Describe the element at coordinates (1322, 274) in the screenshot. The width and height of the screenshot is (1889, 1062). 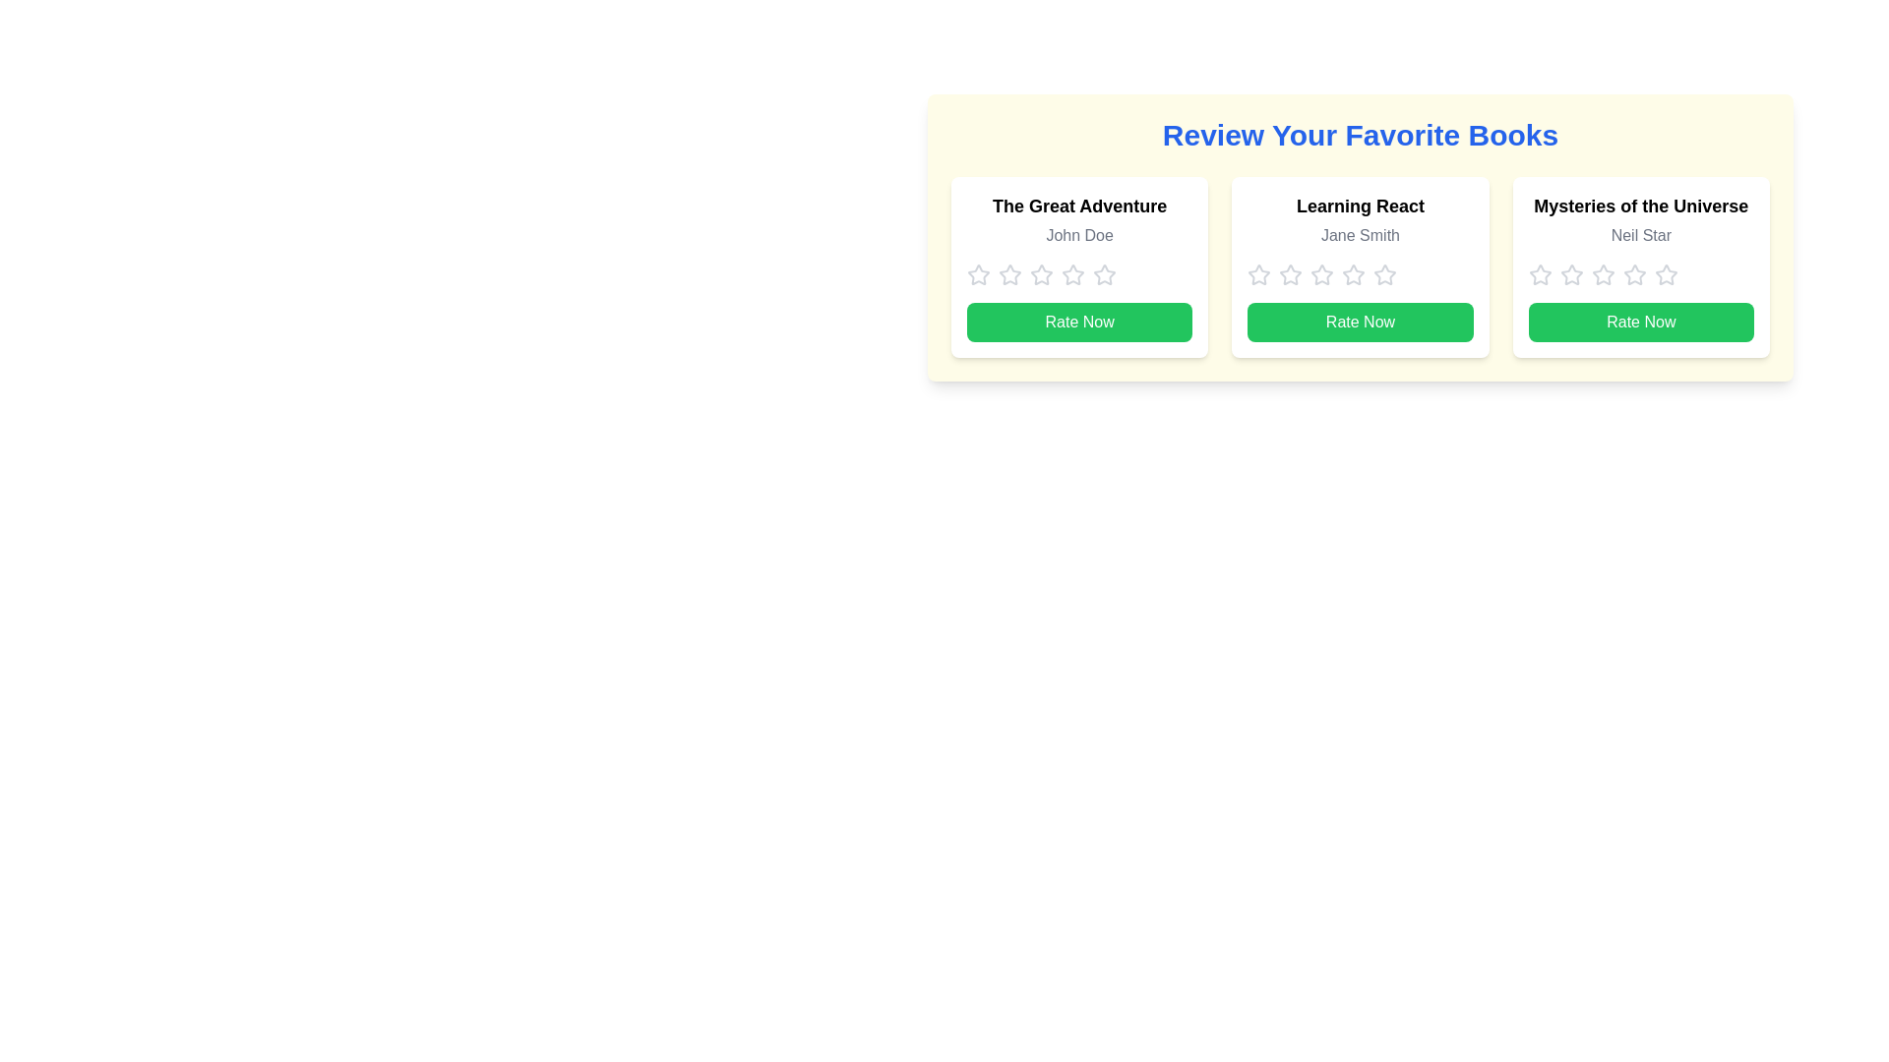
I see `the second star in the rating row for the book 'Learning React' by Jane Smith` at that location.